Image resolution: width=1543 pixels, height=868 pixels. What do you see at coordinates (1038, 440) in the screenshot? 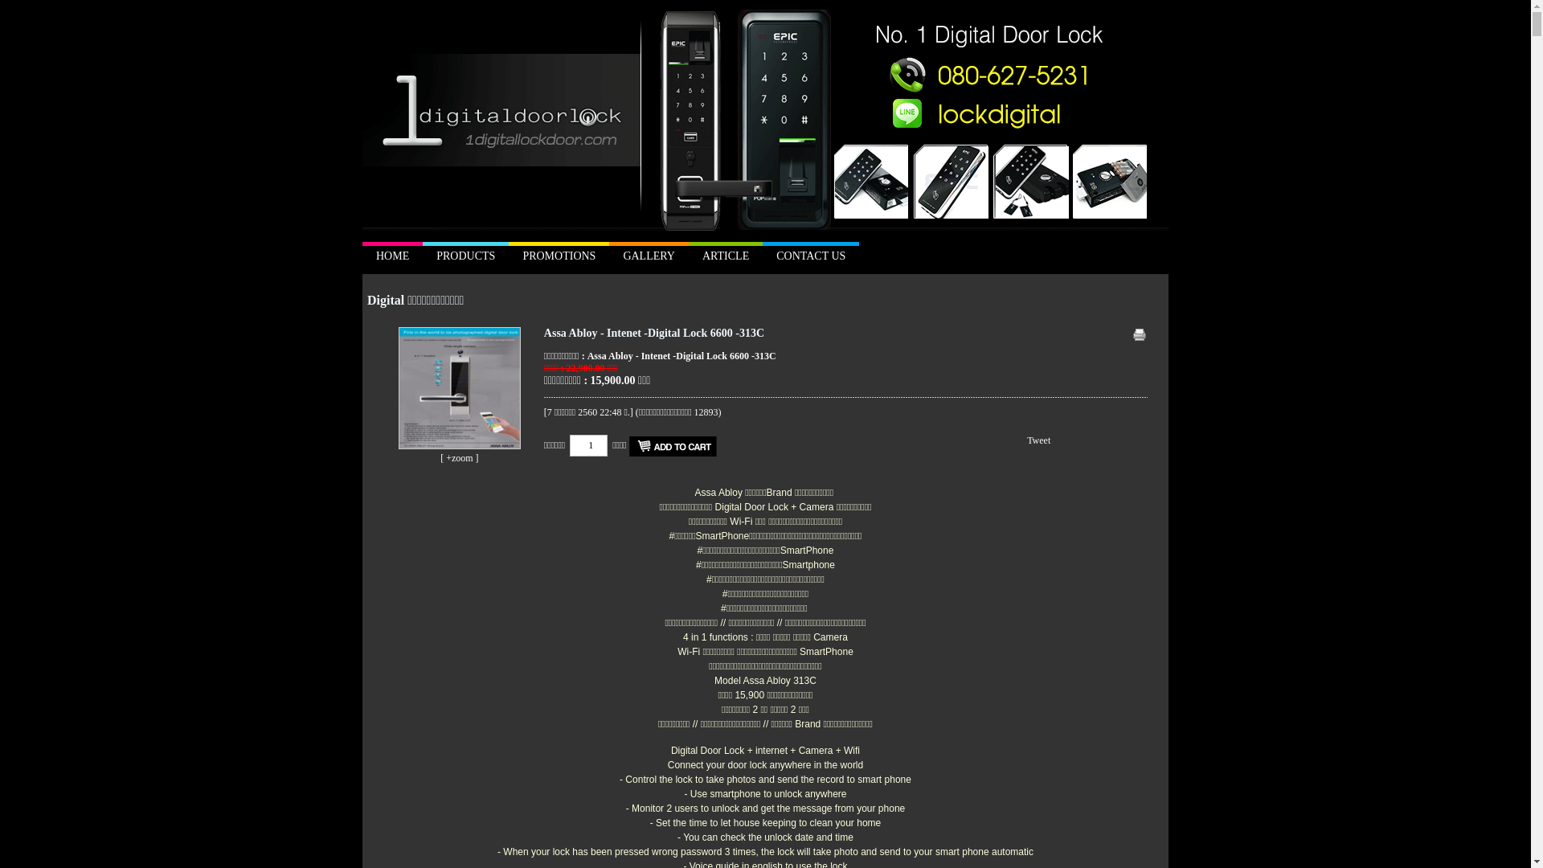
I see `'Tweet'` at bounding box center [1038, 440].